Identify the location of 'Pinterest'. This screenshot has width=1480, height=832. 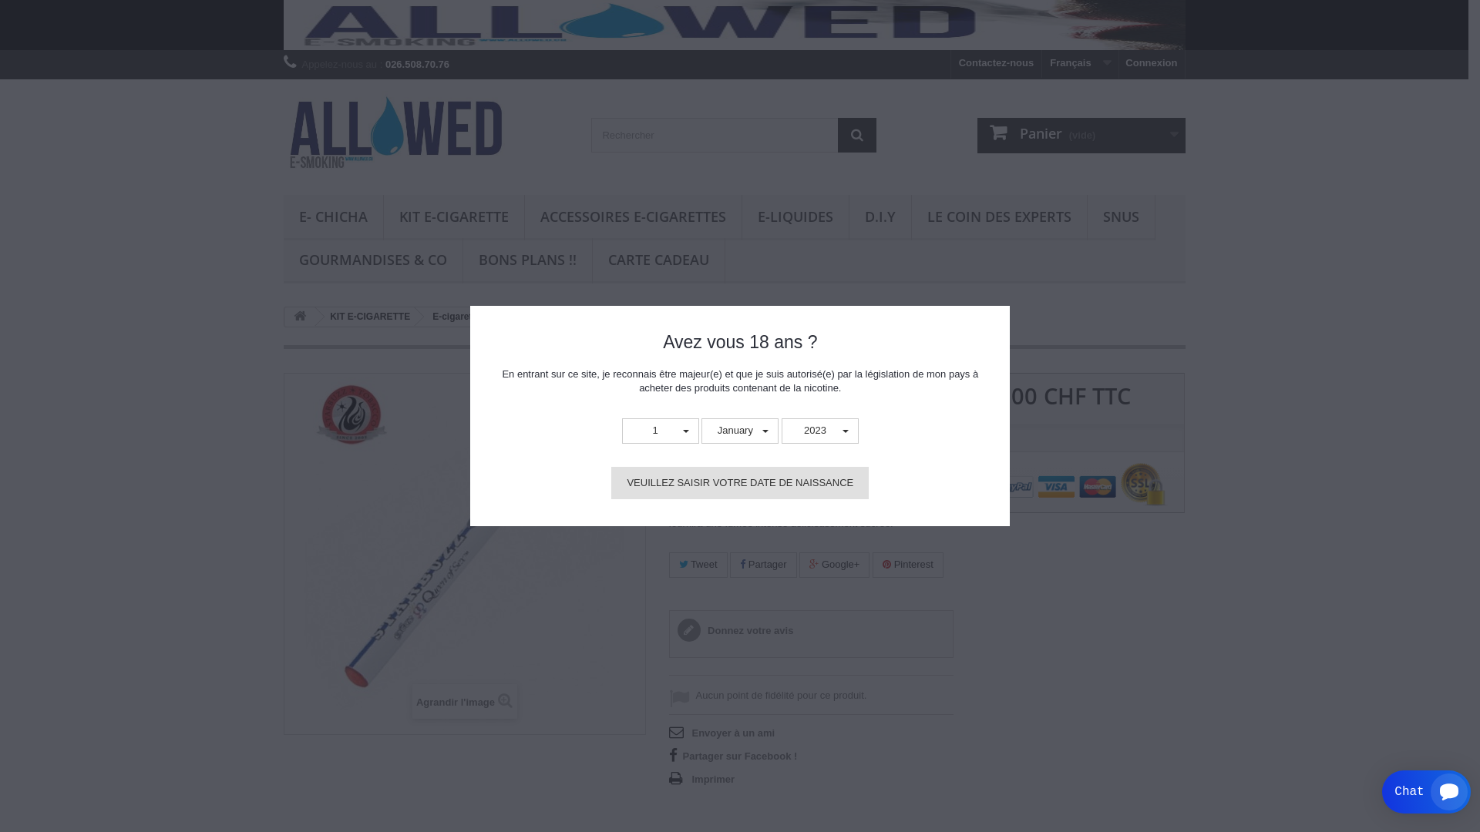
(907, 565).